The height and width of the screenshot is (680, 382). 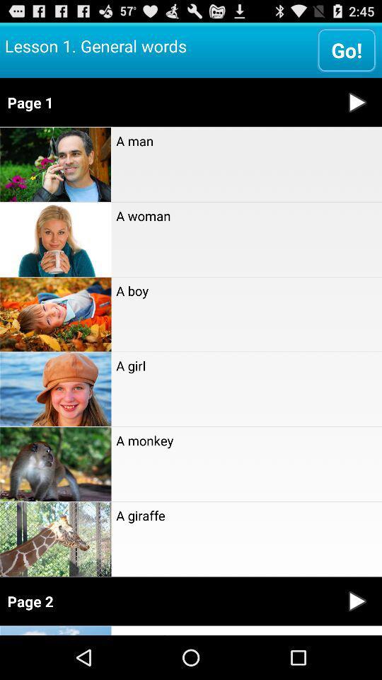 I want to click on a giraffe, so click(x=245, y=514).